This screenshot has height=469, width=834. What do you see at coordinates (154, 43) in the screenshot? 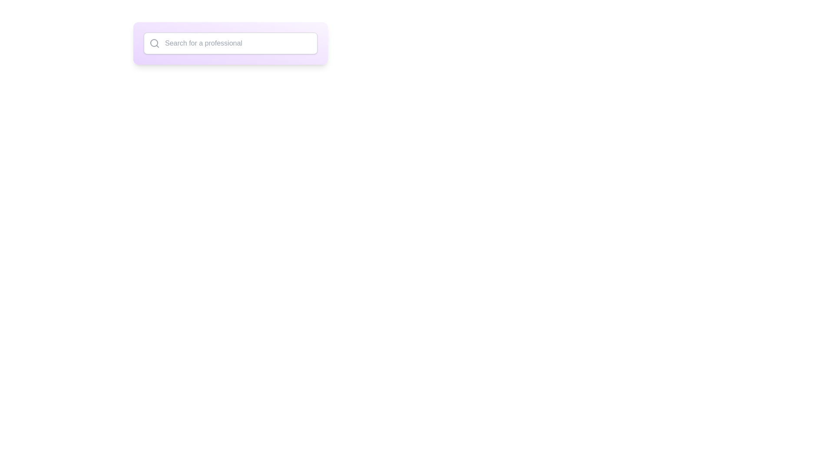
I see `the inner circular part of the graphical search icon associated with the search bar, located near the top-left of the page layout` at bounding box center [154, 43].